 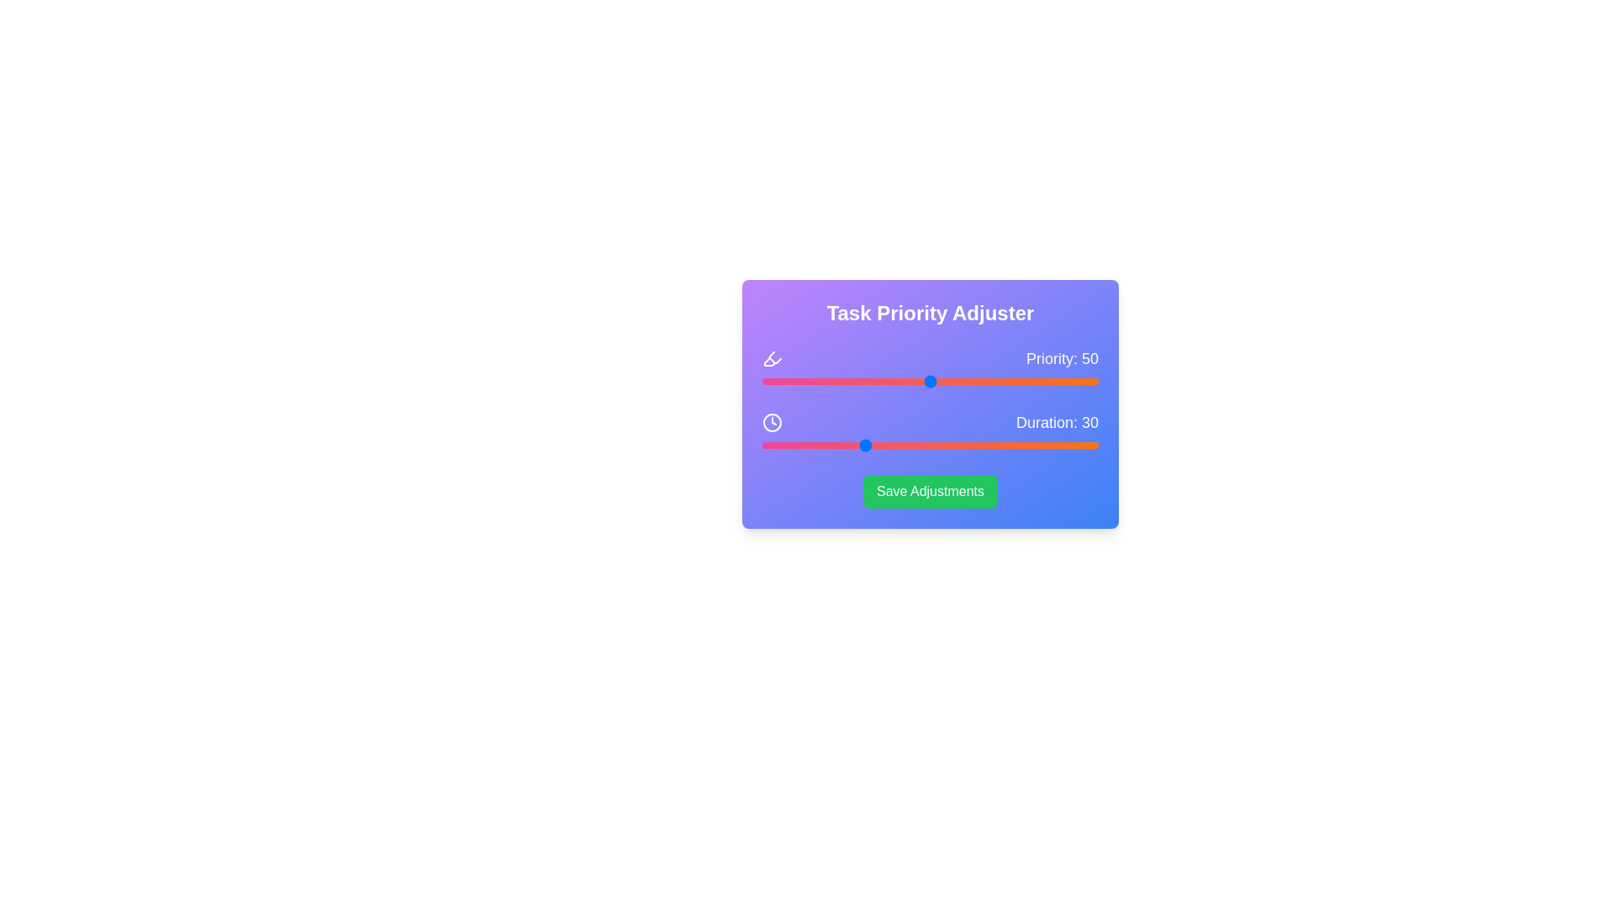 What do you see at coordinates (768, 382) in the screenshot?
I see `the priority slider to set its value to 2` at bounding box center [768, 382].